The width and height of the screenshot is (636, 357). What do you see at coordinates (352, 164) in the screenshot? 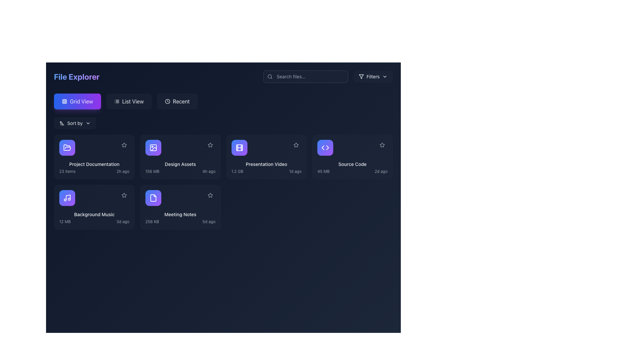
I see `text content of the 'Source Code' label, which is styled in a small, medium-weight font and is located at the bottom center of the fourth card in the grid view of the file explorer interface` at bounding box center [352, 164].